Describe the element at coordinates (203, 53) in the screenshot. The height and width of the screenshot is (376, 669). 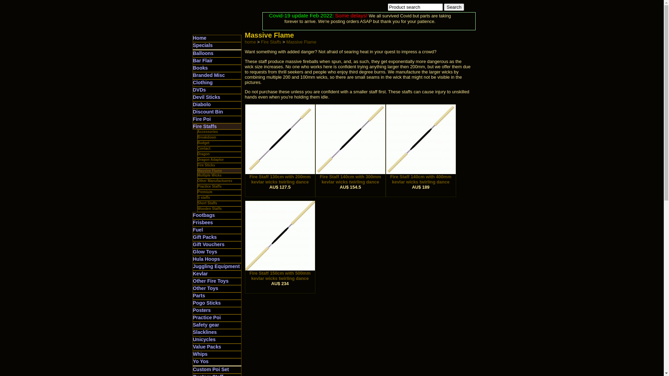
I see `'Balloons'` at that location.